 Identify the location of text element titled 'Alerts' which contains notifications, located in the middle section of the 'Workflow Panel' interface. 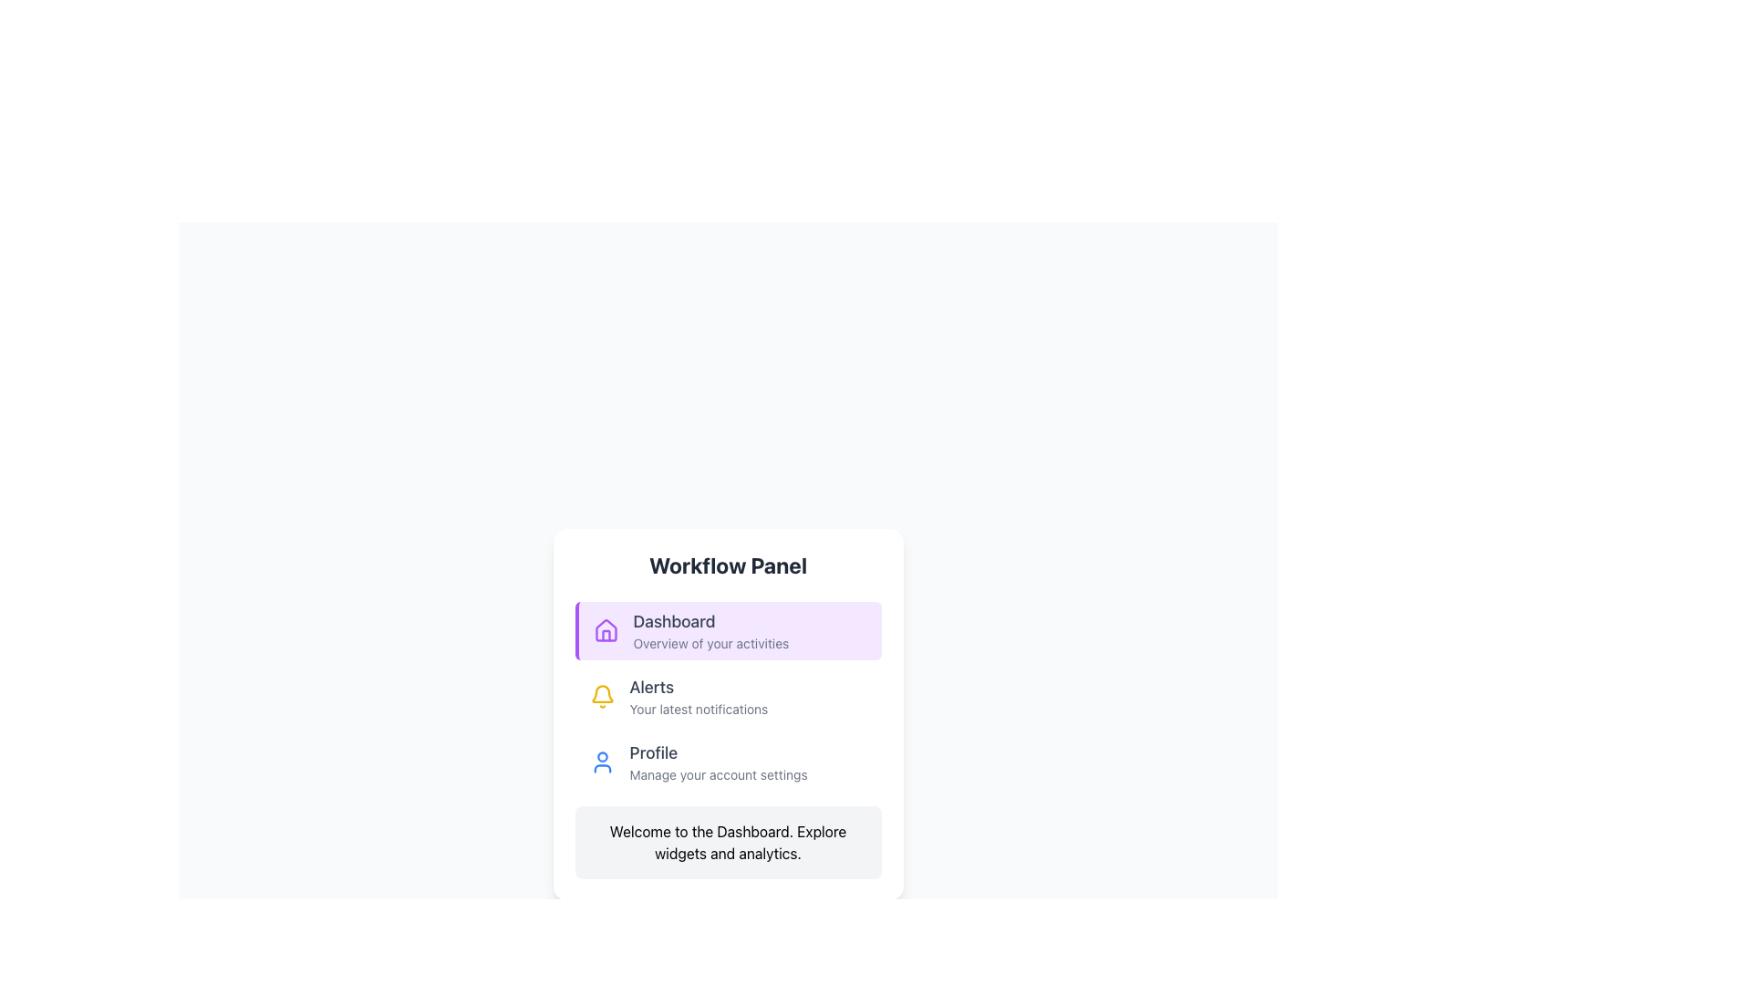
(698, 696).